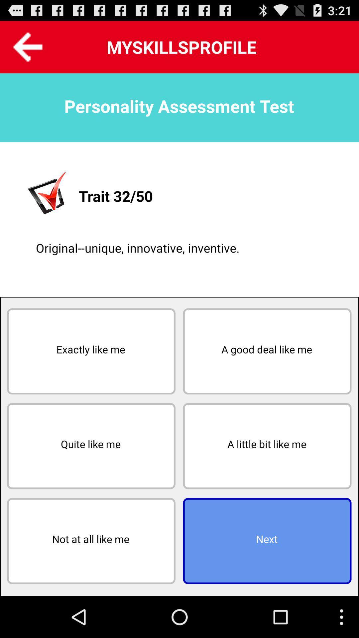 The image size is (359, 638). I want to click on next item, so click(267, 541).